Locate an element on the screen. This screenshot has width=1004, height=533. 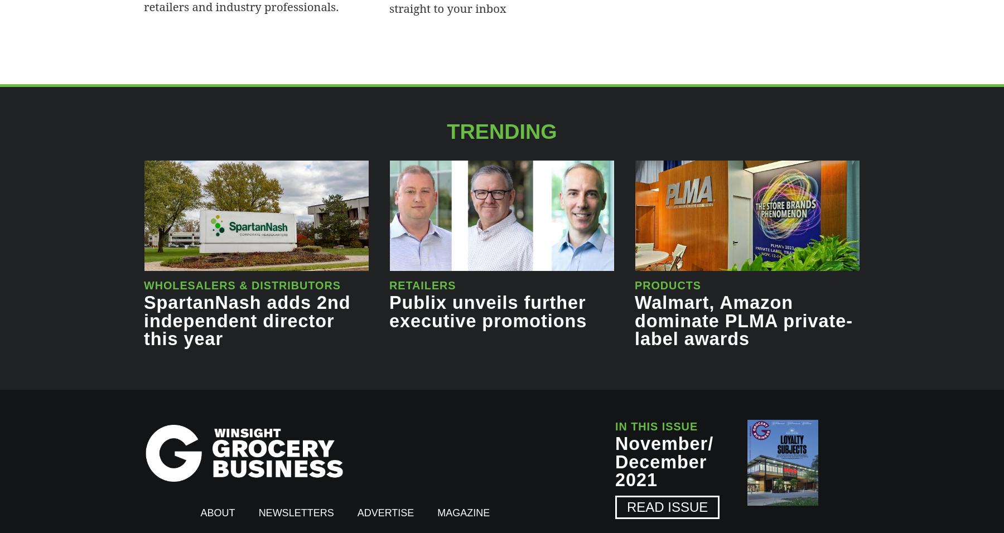
'Read Issue' is located at coordinates (667, 507).